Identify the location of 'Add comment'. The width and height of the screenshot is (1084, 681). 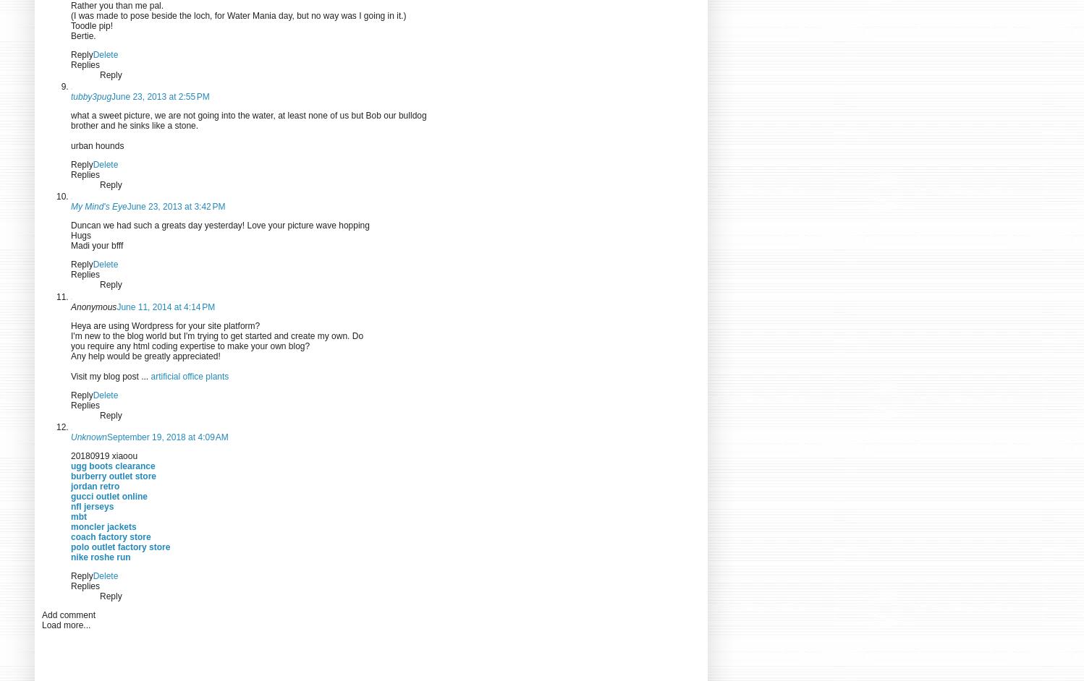
(67, 615).